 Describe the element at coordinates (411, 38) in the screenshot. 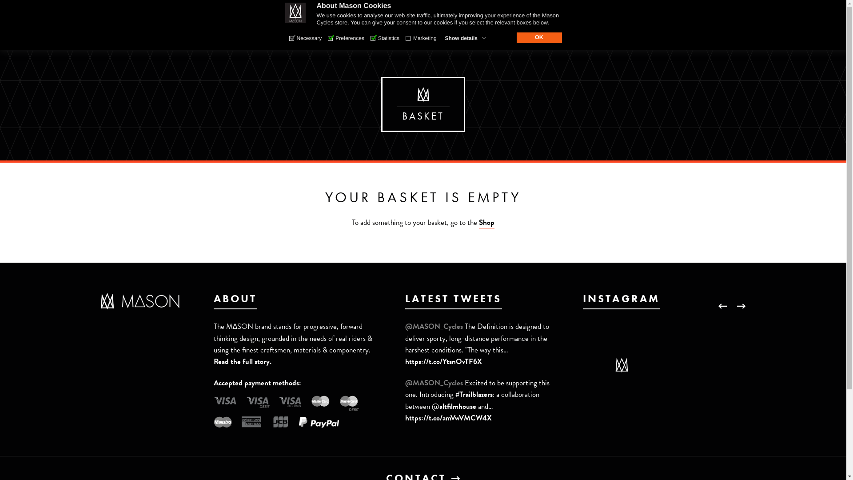

I see `'ACCESSORIES + UPGRADES'` at that location.